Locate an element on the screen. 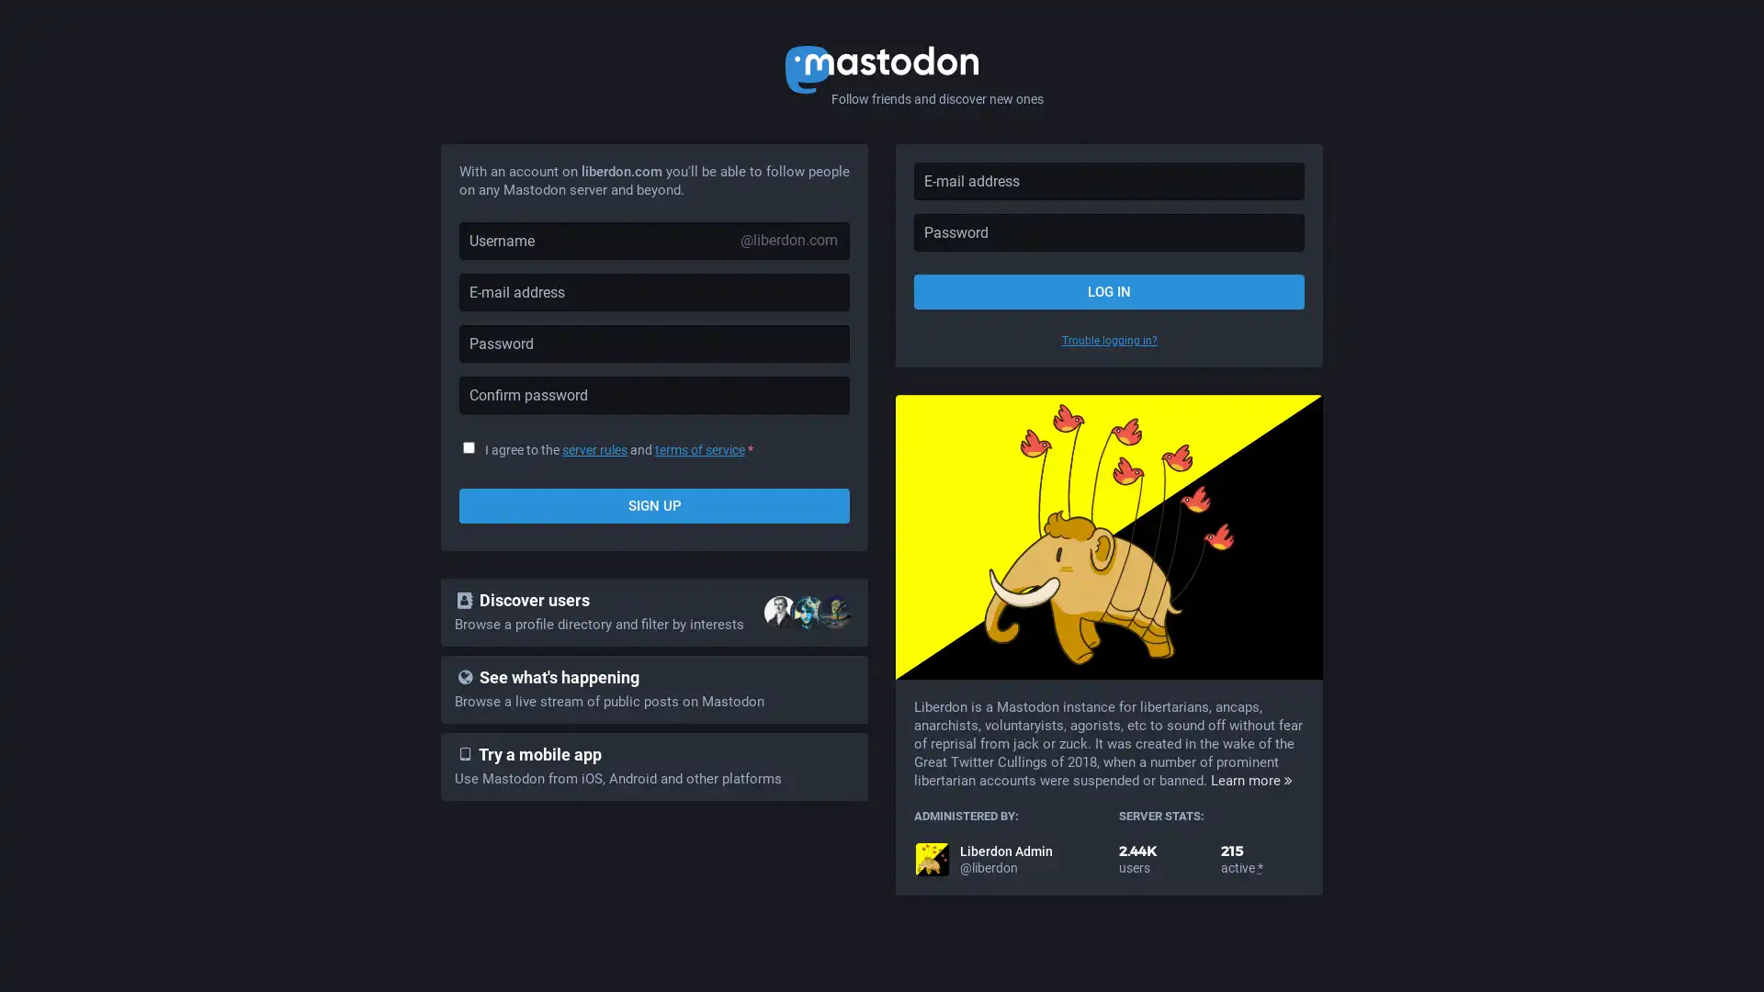 The height and width of the screenshot is (992, 1764). LOG IN is located at coordinates (1108, 290).